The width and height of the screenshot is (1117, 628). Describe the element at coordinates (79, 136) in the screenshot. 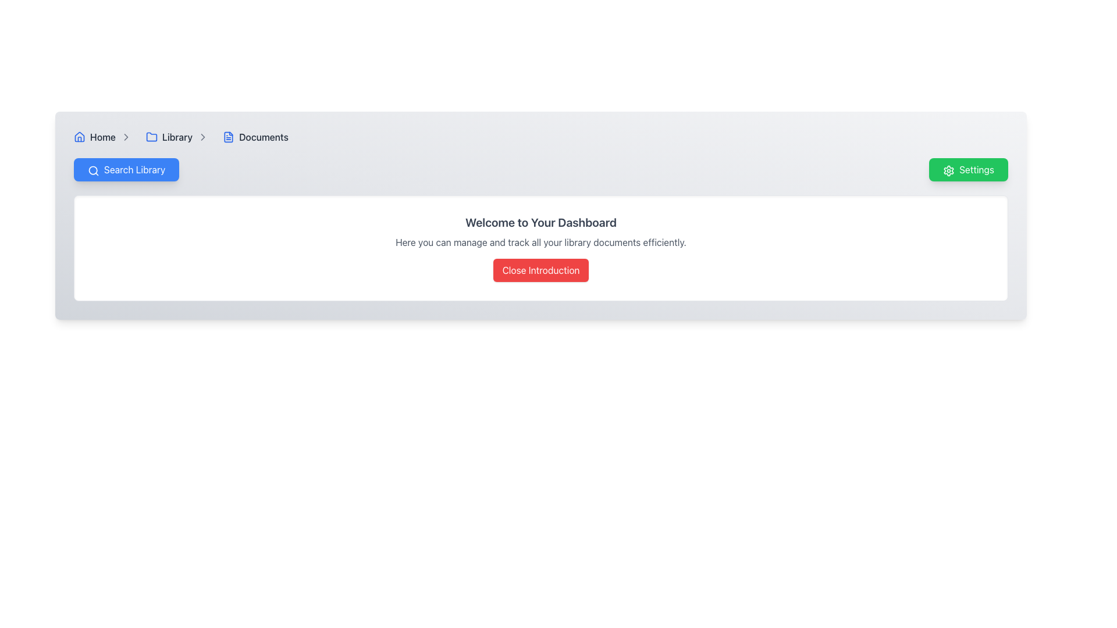

I see `the house-shaped icon that resembles a home, which is colored in vivid blue and positioned to the far left of the breadcrumb navigation bar, preceding the text label 'Home'` at that location.